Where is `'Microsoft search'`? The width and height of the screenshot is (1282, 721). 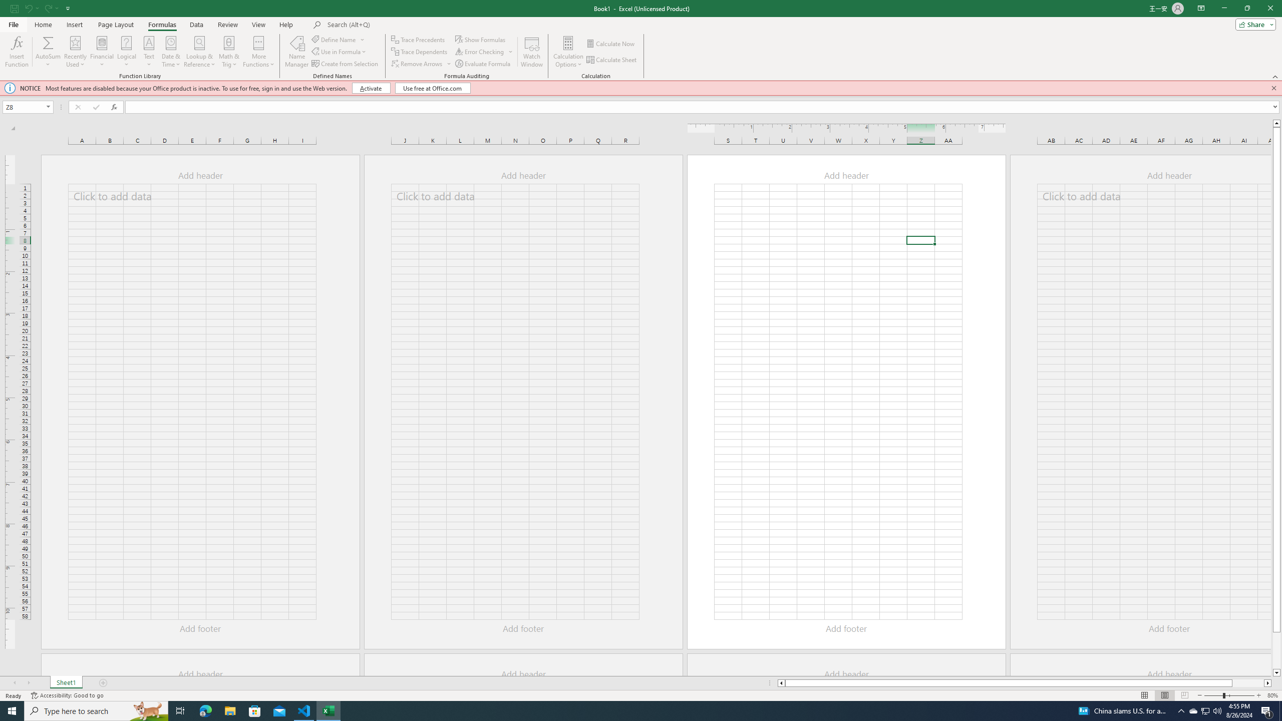
'Microsoft search' is located at coordinates (396, 25).